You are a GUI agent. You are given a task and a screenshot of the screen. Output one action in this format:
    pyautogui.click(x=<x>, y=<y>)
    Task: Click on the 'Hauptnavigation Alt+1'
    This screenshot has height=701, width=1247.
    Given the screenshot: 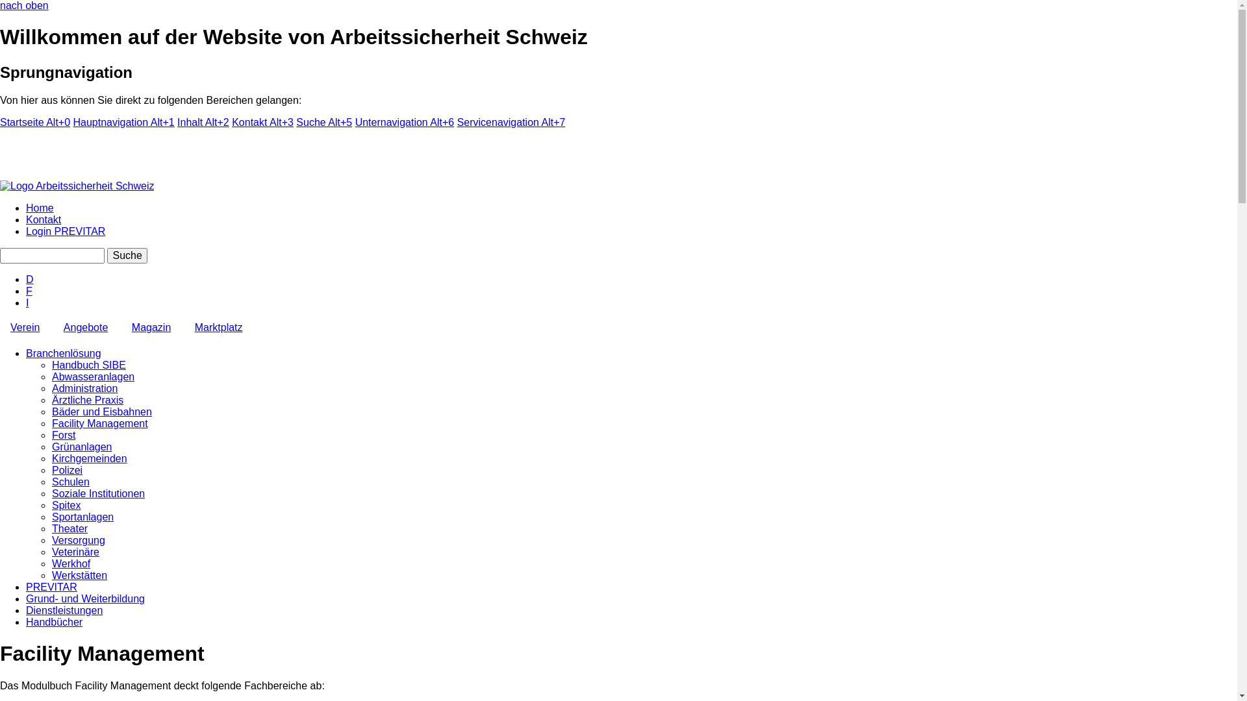 What is the action you would take?
    pyautogui.click(x=124, y=122)
    